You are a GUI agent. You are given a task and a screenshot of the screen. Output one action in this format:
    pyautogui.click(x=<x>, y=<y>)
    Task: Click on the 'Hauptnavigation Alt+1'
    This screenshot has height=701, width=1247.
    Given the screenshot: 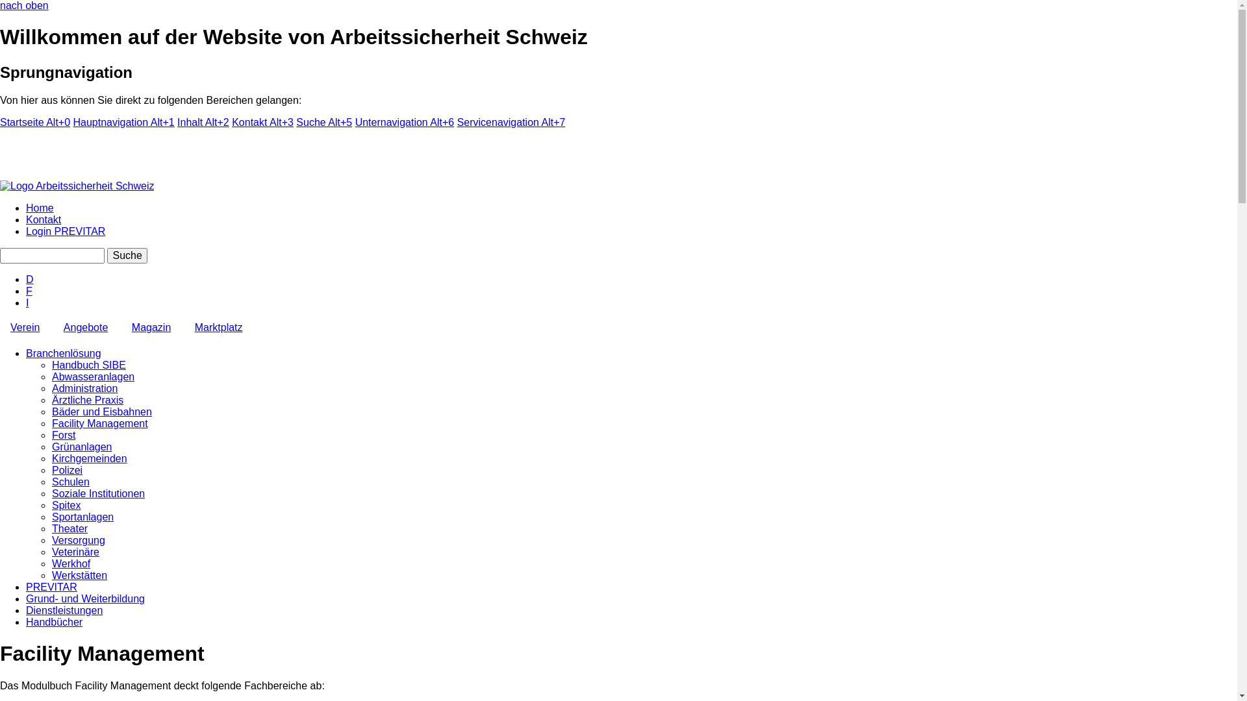 What is the action you would take?
    pyautogui.click(x=124, y=122)
    